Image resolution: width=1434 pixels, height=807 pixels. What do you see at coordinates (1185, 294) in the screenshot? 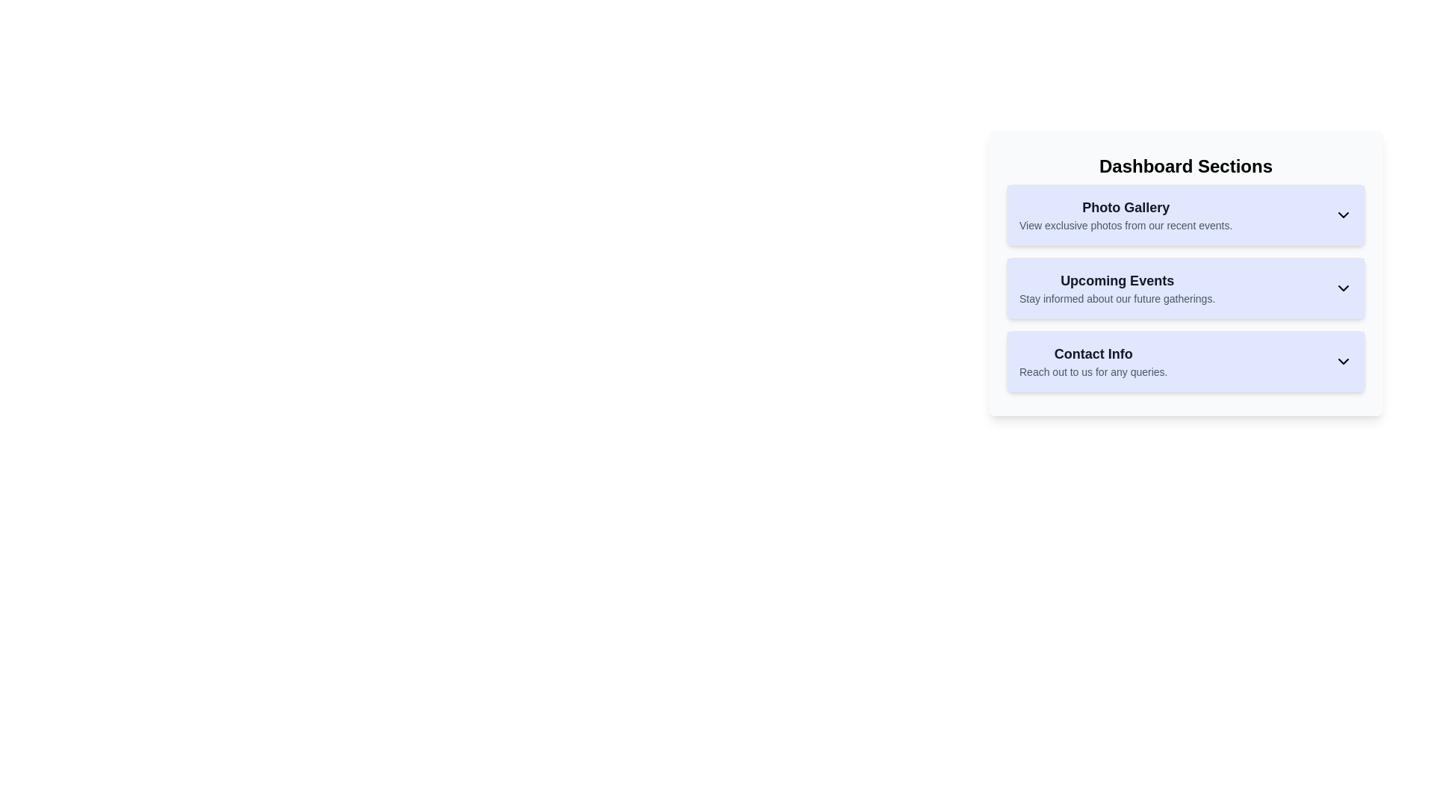
I see `the second button in the vertically stacked list within the 'Dashboard Sections' card` at bounding box center [1185, 294].